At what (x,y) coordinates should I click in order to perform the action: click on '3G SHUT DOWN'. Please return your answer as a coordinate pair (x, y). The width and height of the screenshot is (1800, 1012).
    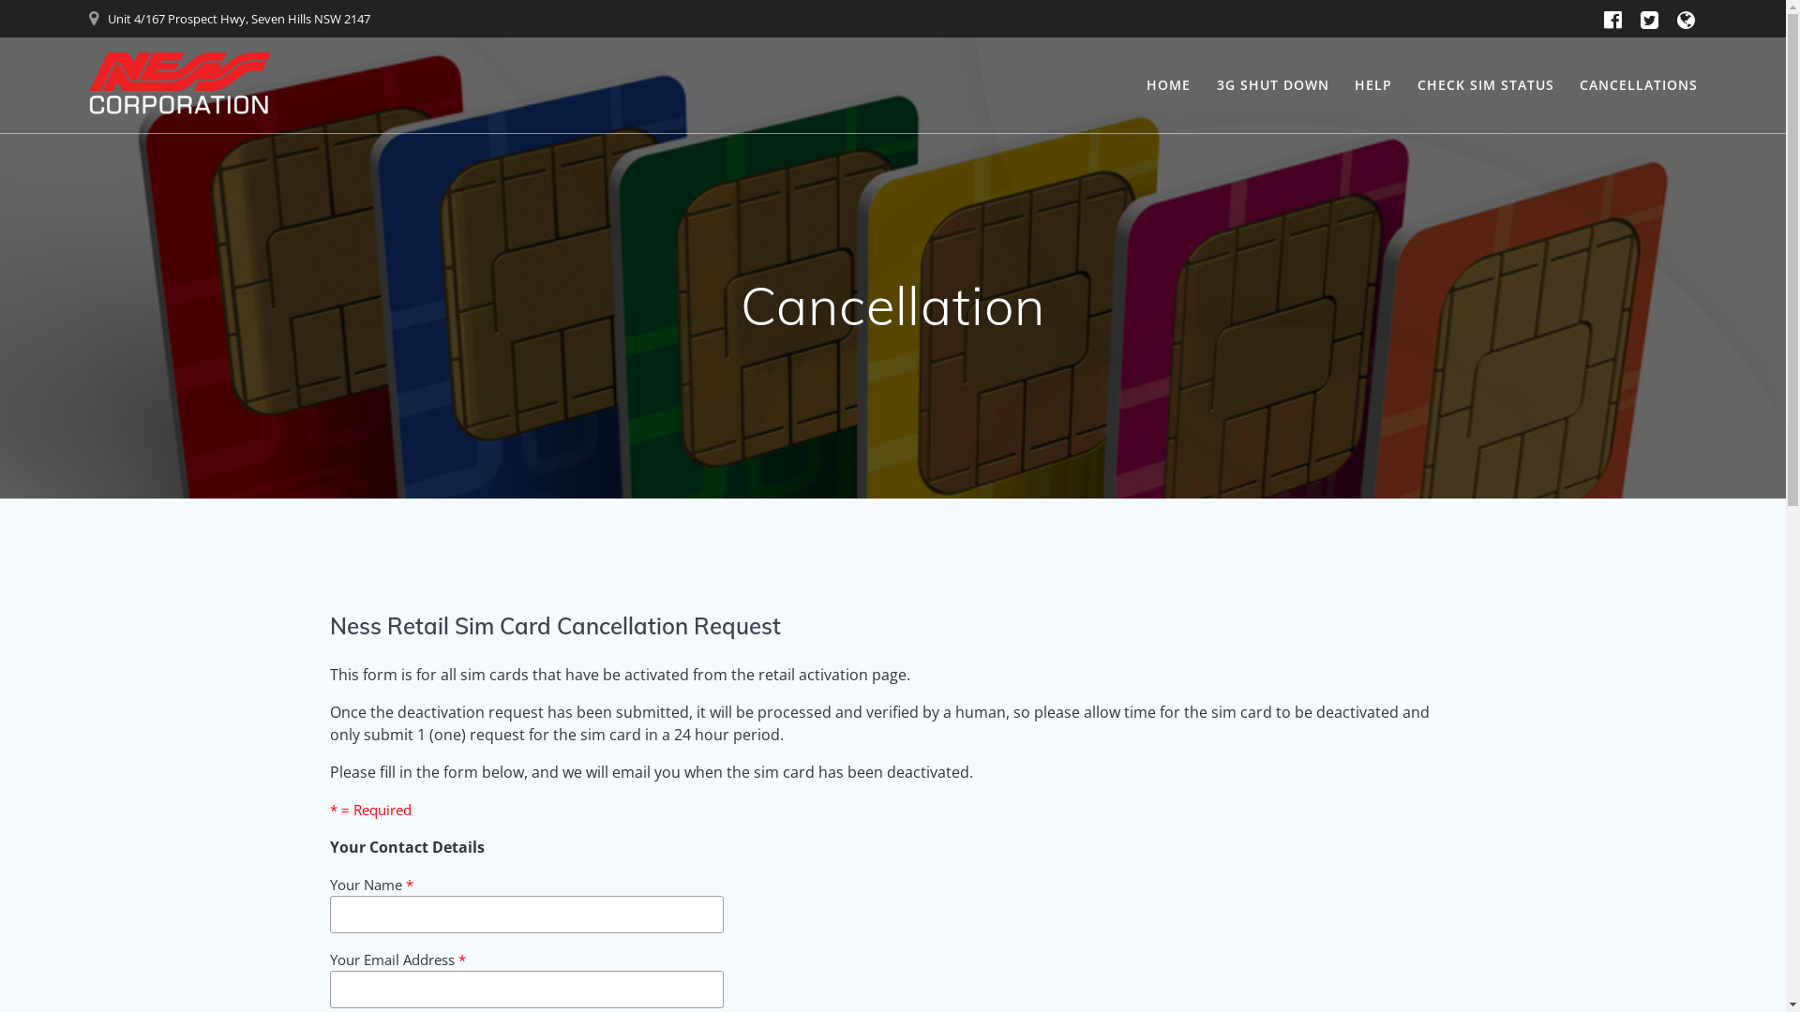
    Looking at the image, I should click on (1273, 85).